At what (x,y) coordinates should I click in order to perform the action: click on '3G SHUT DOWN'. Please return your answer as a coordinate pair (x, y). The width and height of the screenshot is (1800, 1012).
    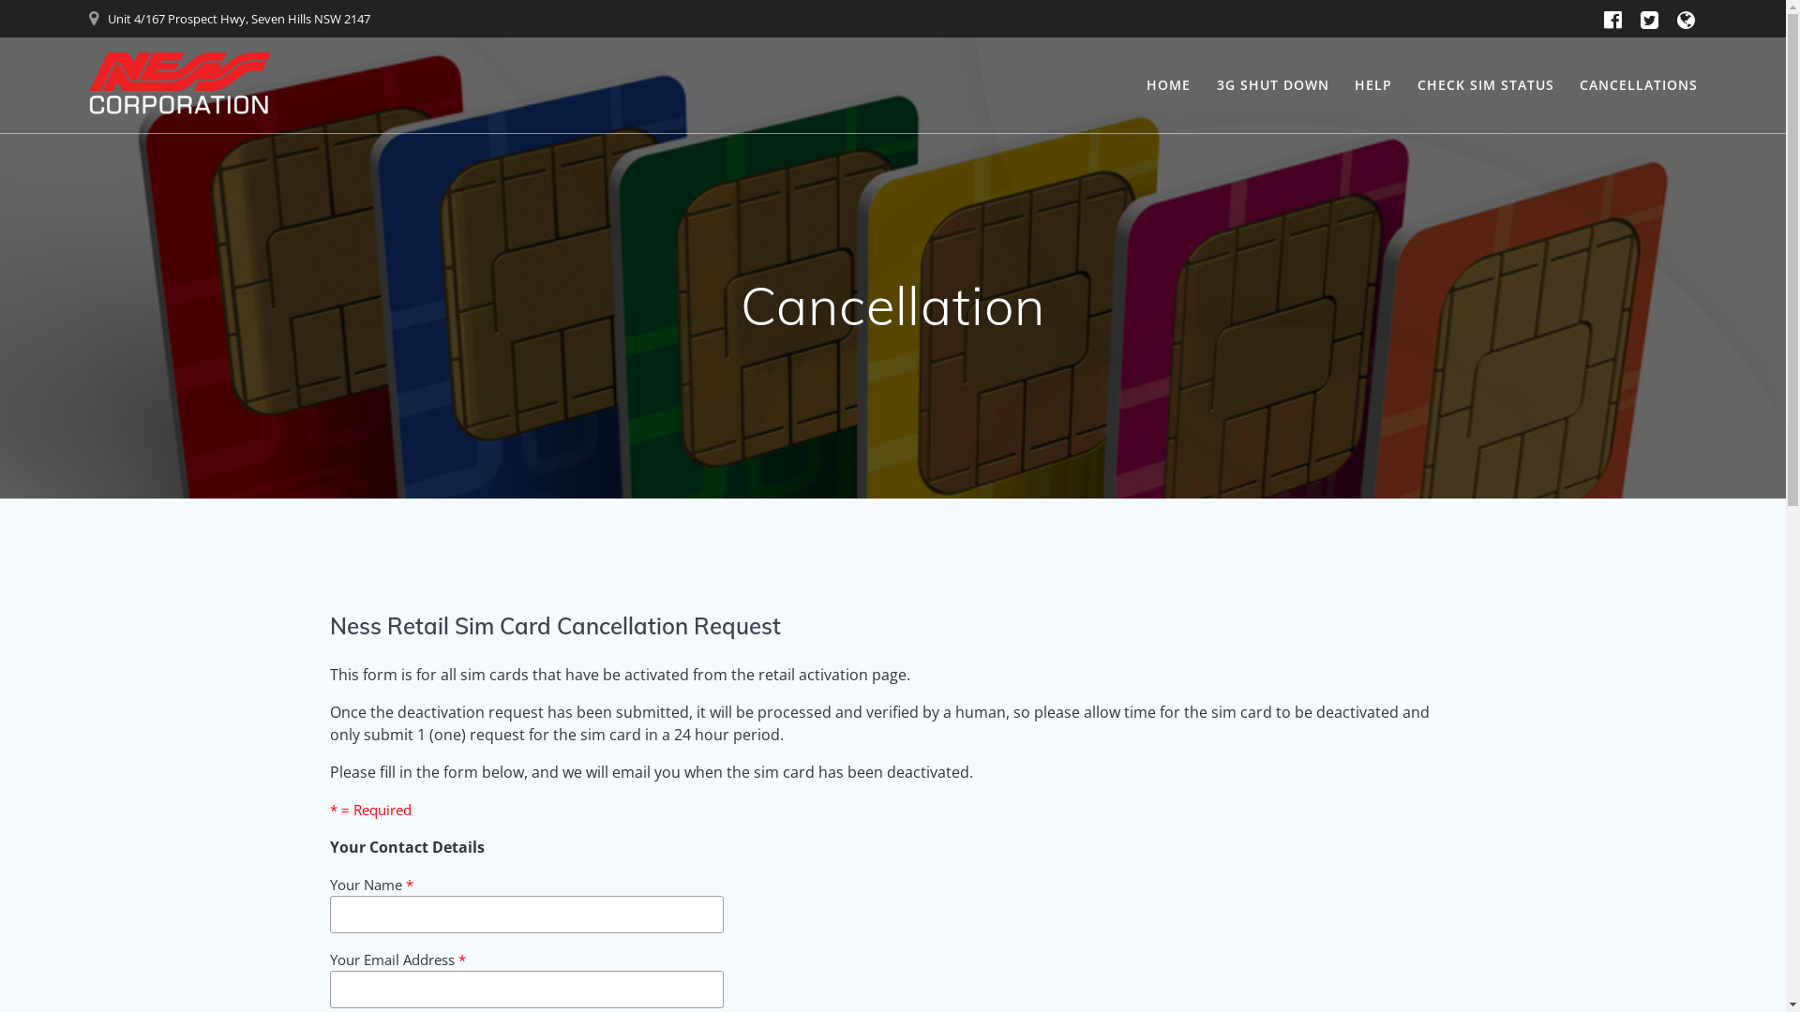
    Looking at the image, I should click on (1273, 85).